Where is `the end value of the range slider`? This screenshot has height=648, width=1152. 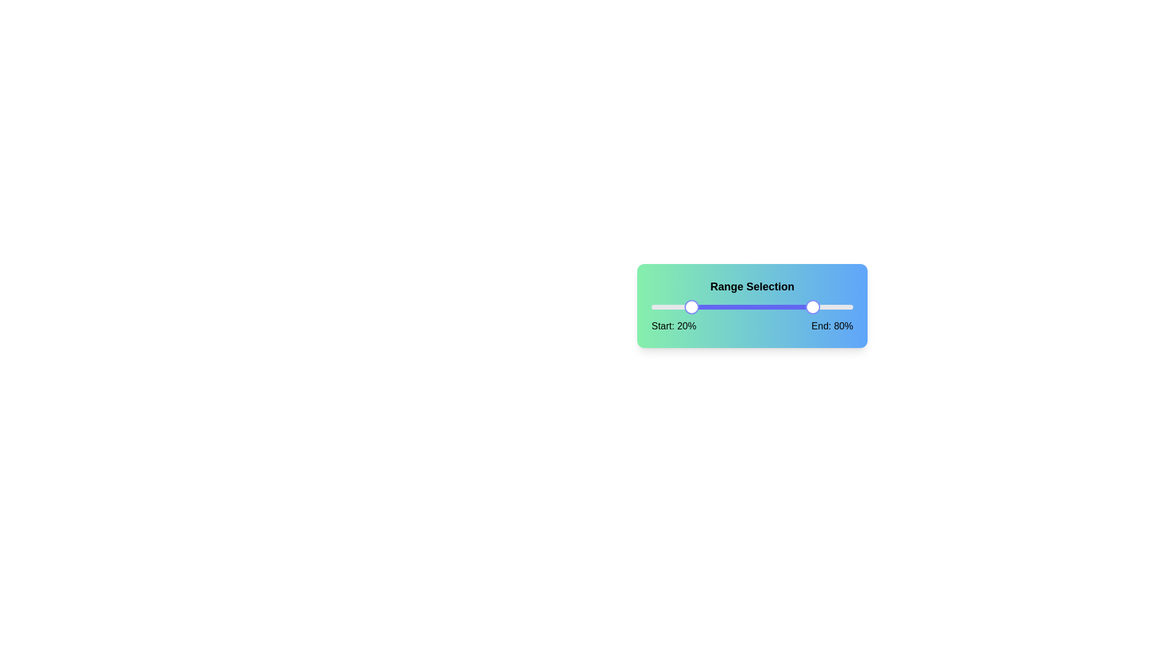 the end value of the range slider is located at coordinates (785, 307).